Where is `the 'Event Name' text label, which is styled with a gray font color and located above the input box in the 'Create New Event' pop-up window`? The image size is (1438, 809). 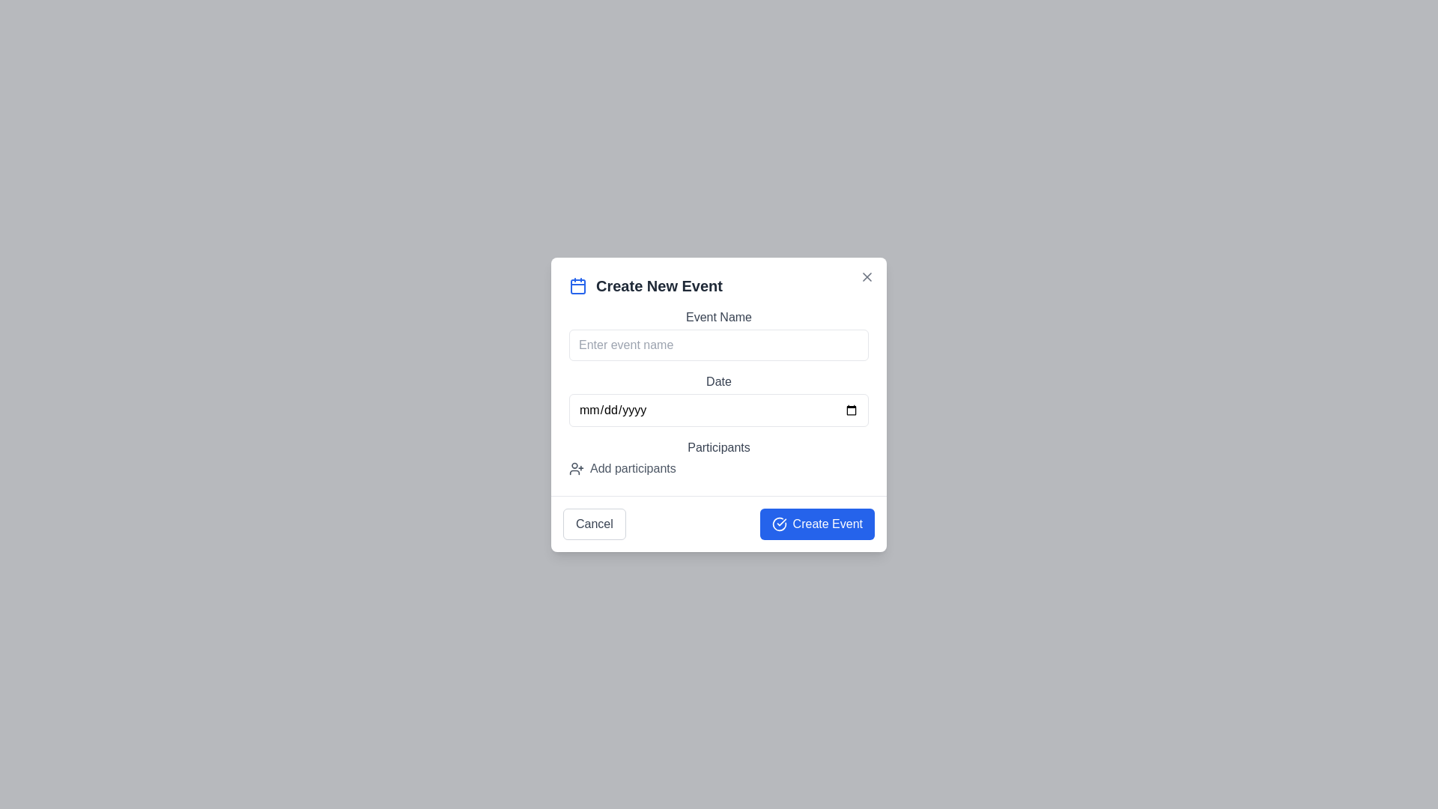
the 'Event Name' text label, which is styled with a gray font color and located above the input box in the 'Create New Event' pop-up window is located at coordinates (719, 316).